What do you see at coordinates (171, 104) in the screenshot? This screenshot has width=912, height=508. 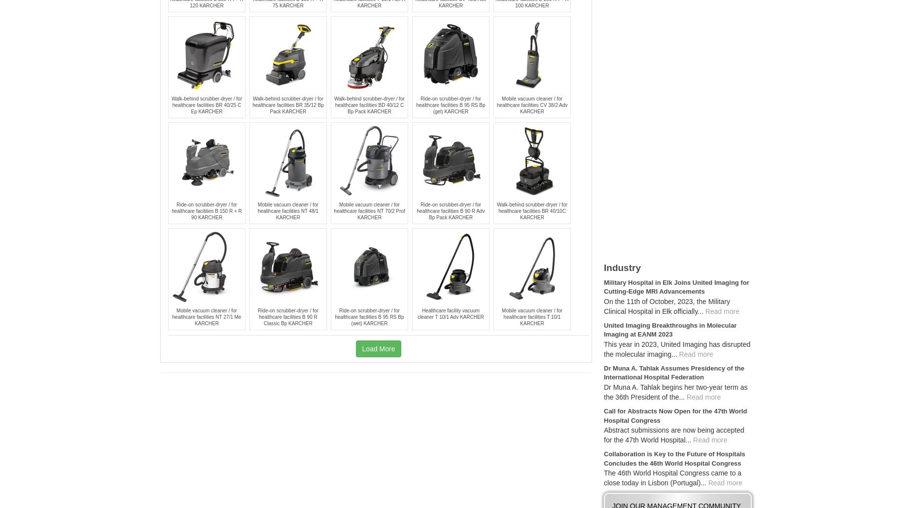 I see `'Walk-behind scrubber-dryer / for healthcare facilities BR 40/25 C Ep KARCHER'` at bounding box center [171, 104].